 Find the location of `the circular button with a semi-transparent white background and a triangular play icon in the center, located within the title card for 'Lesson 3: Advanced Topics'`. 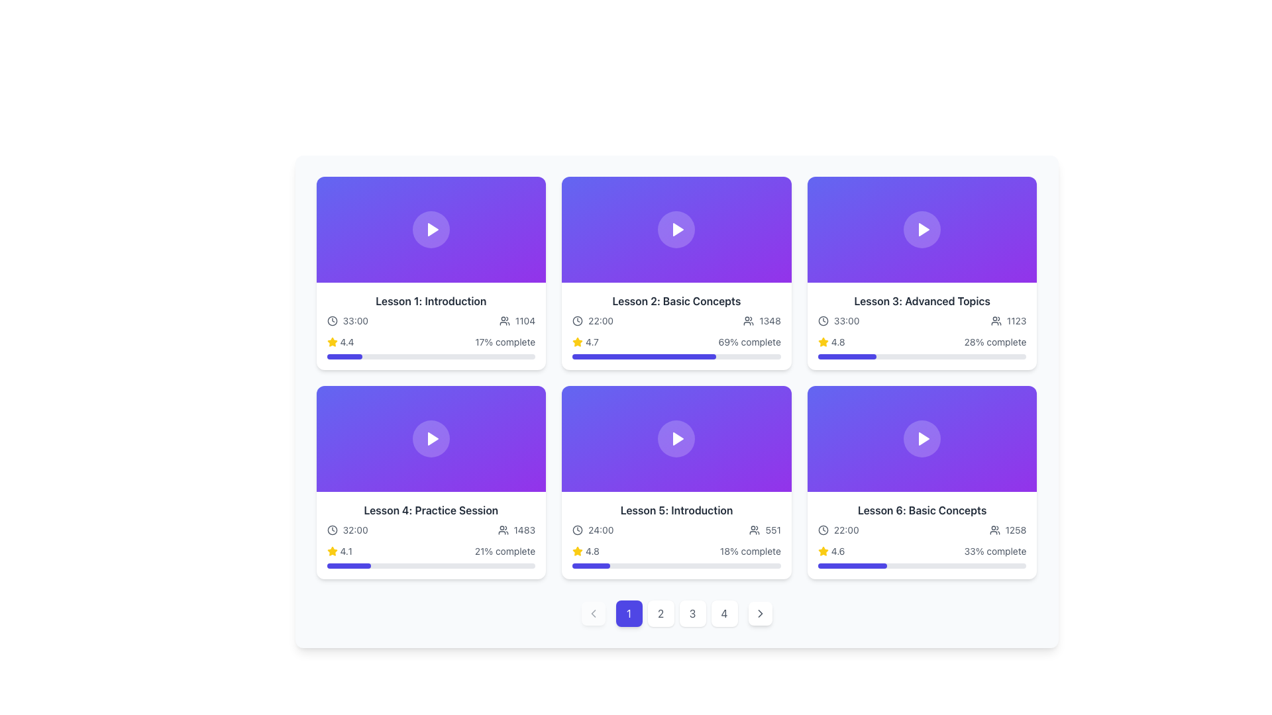

the circular button with a semi-transparent white background and a triangular play icon in the center, located within the title card for 'Lesson 3: Advanced Topics' is located at coordinates (922, 229).